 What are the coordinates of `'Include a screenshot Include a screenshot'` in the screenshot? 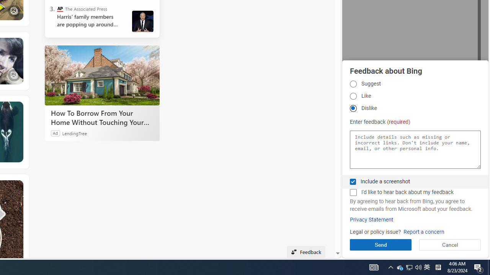 It's located at (353, 181).